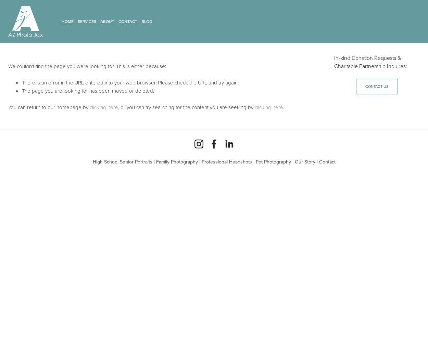 The height and width of the screenshot is (342, 428). What do you see at coordinates (87, 21) in the screenshot?
I see `'Services'` at bounding box center [87, 21].